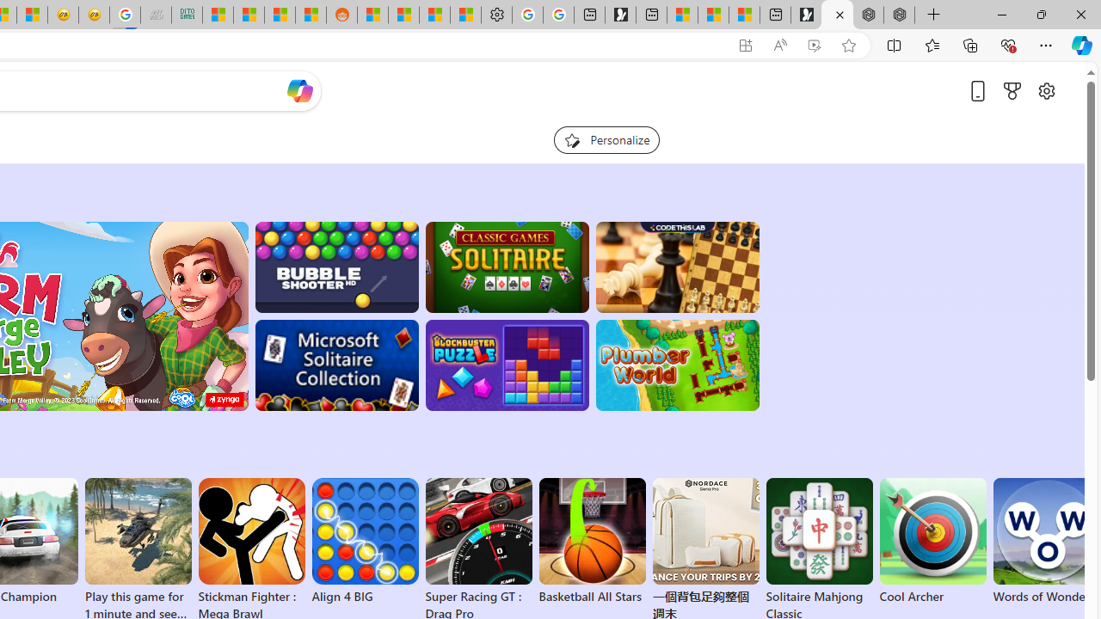 The image size is (1101, 619). Describe the element at coordinates (746, 45) in the screenshot. I see `'App available. Install Games from Microsoft Start'` at that location.